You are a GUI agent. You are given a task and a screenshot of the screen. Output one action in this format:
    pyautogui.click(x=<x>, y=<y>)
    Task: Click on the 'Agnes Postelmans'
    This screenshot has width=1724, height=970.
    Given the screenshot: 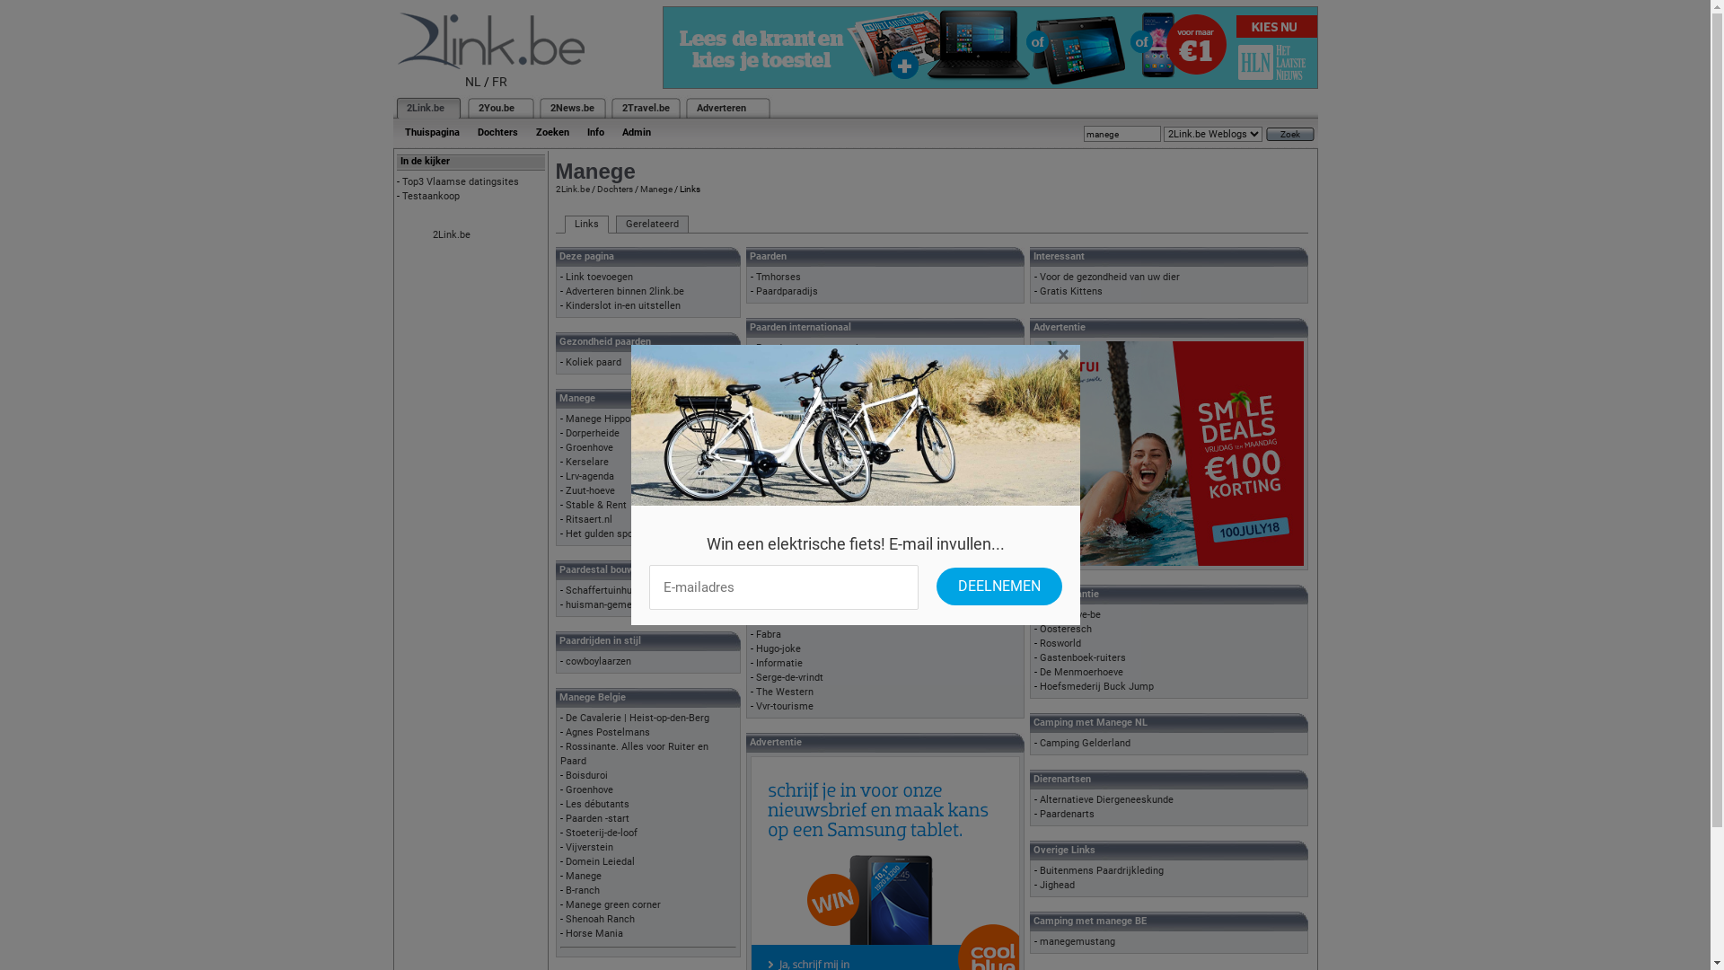 What is the action you would take?
    pyautogui.click(x=607, y=732)
    